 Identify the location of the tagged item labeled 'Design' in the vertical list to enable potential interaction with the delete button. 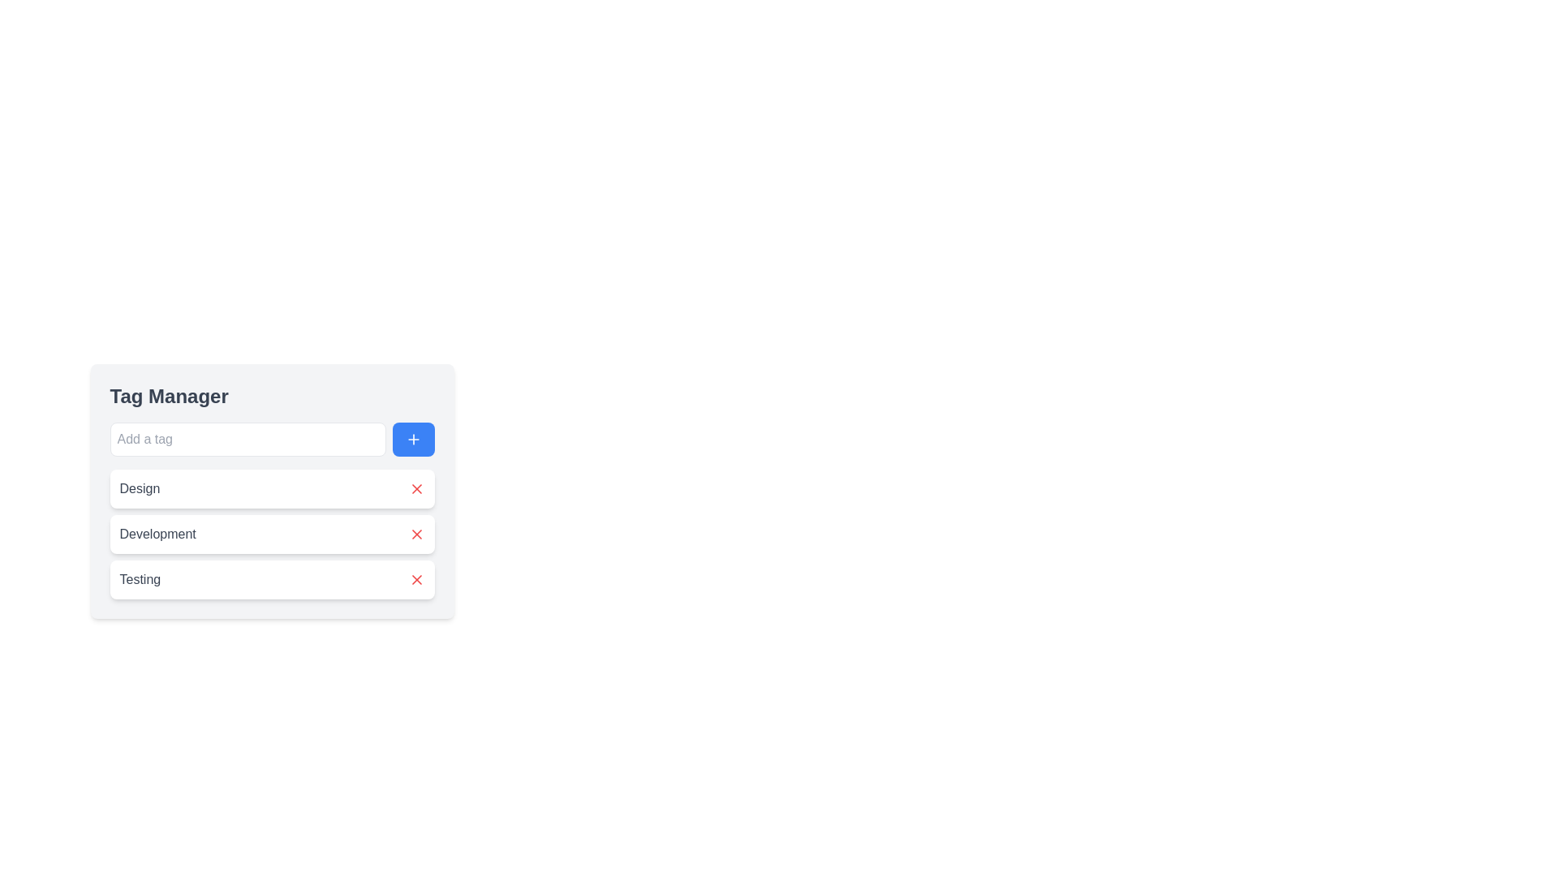
(272, 487).